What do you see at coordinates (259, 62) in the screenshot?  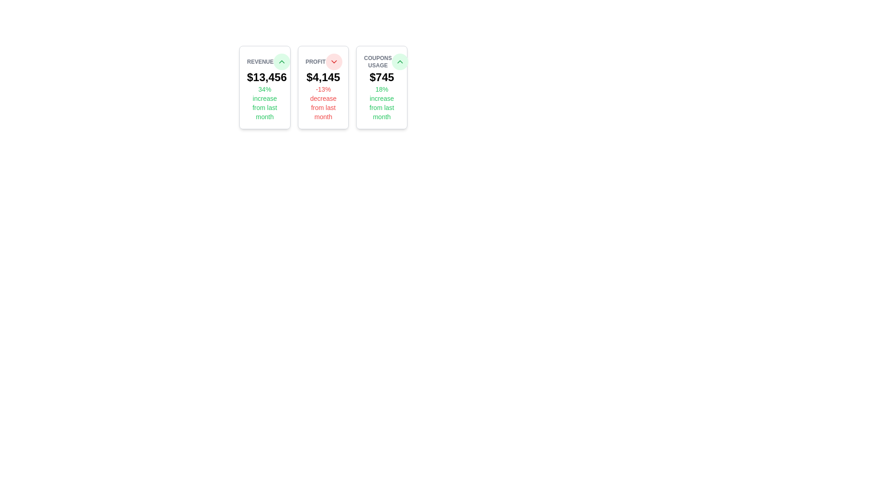 I see `text content of the 'REVENUE' label, which is a bold, small uppercase gray text located at the top of a card layout` at bounding box center [259, 62].